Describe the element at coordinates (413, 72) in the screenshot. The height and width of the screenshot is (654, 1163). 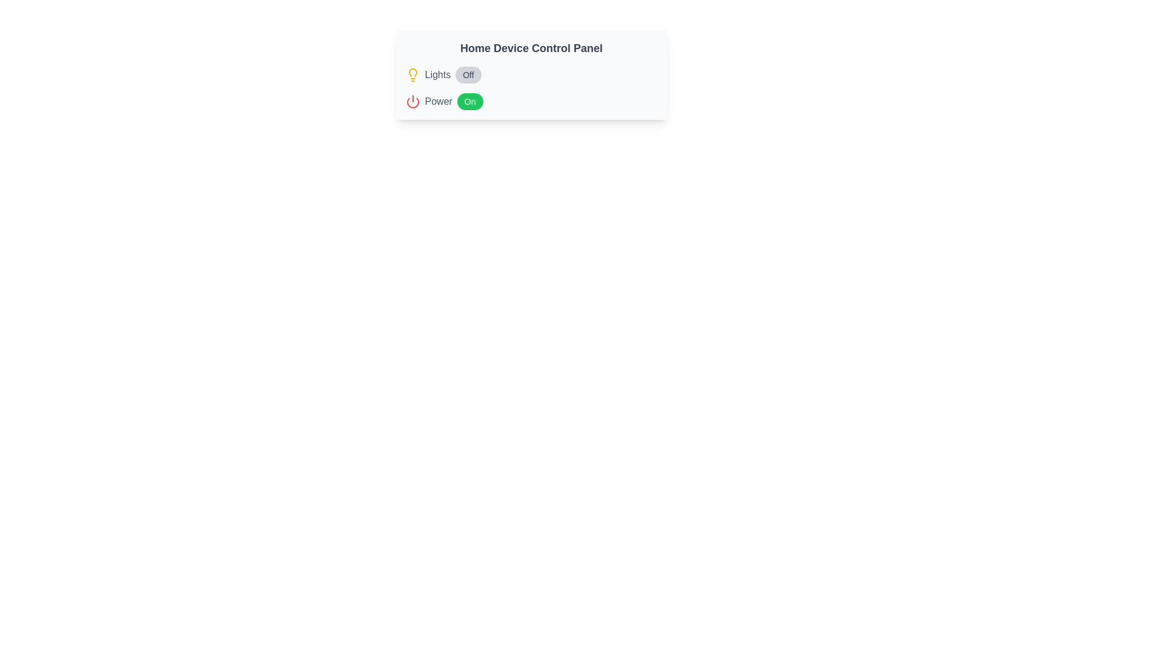
I see `the light bulb icon represented by a geometric curve design, which is styled in yellow and located in the Home Device Control Panel next to the 'Lights Off' label` at that location.